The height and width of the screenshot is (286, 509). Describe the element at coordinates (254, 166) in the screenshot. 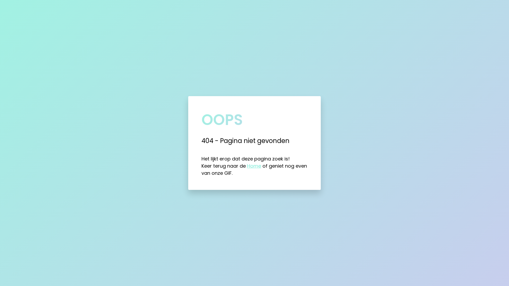

I see `'Home'` at that location.